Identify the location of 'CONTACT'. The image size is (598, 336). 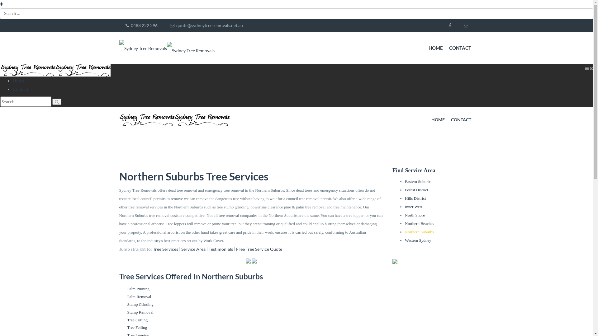
(460, 48).